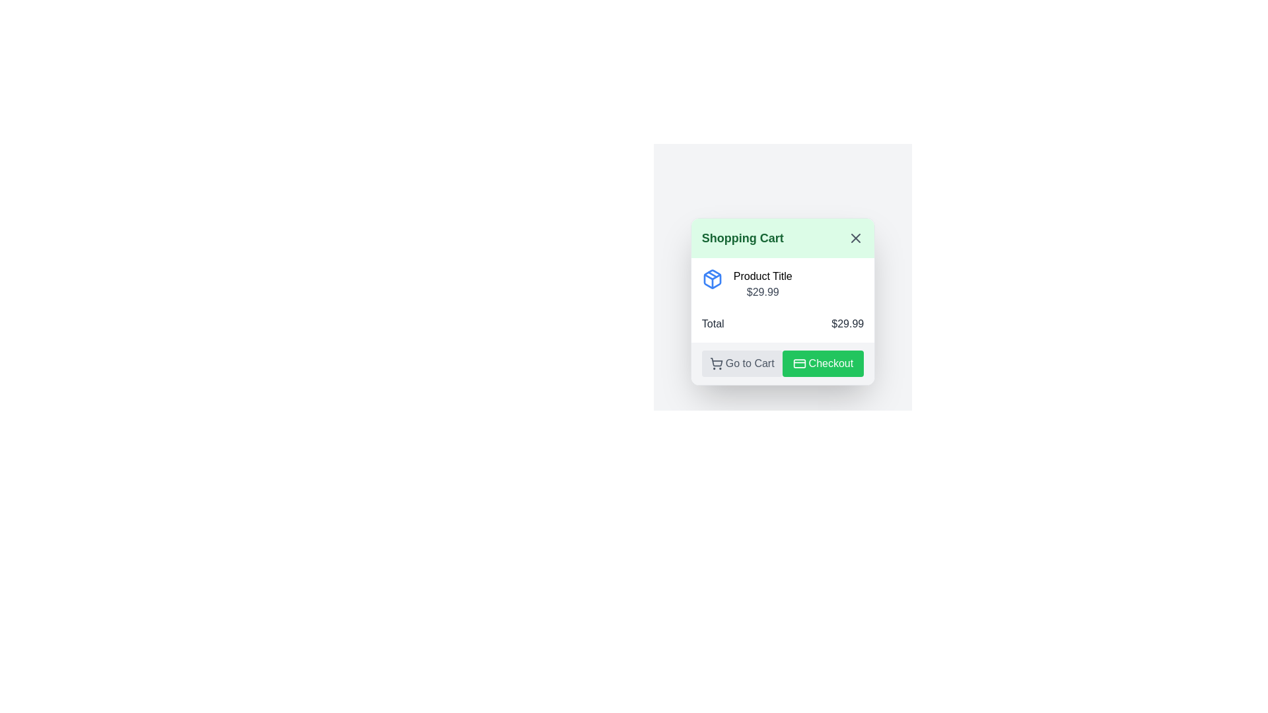 The width and height of the screenshot is (1268, 713). I want to click on the checkout button located to the right of the 'Go to Cart' button in the 'Shopping Cart' dialog box, so click(822, 364).